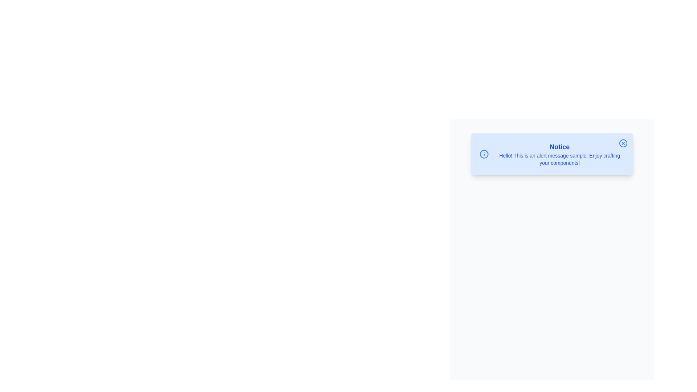  What do you see at coordinates (623, 143) in the screenshot?
I see `the close button located in the top-right corner of the light blue alert box that contains a title labeled 'Notice'` at bounding box center [623, 143].